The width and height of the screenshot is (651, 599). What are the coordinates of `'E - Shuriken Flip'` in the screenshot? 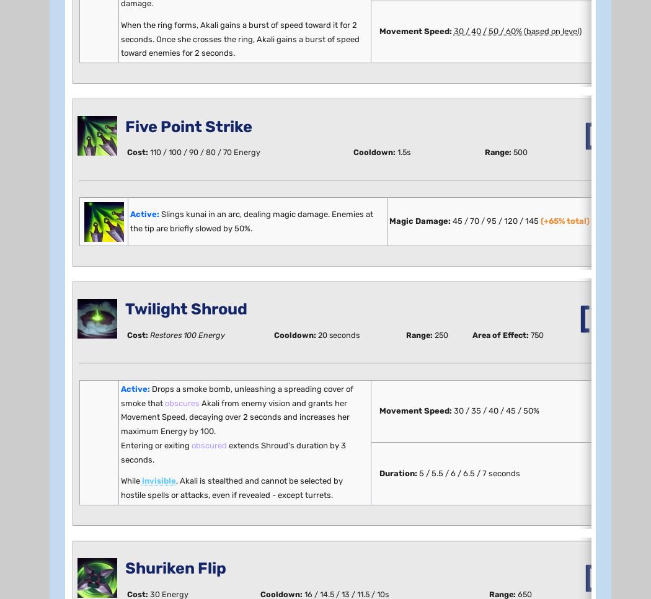 It's located at (135, 373).